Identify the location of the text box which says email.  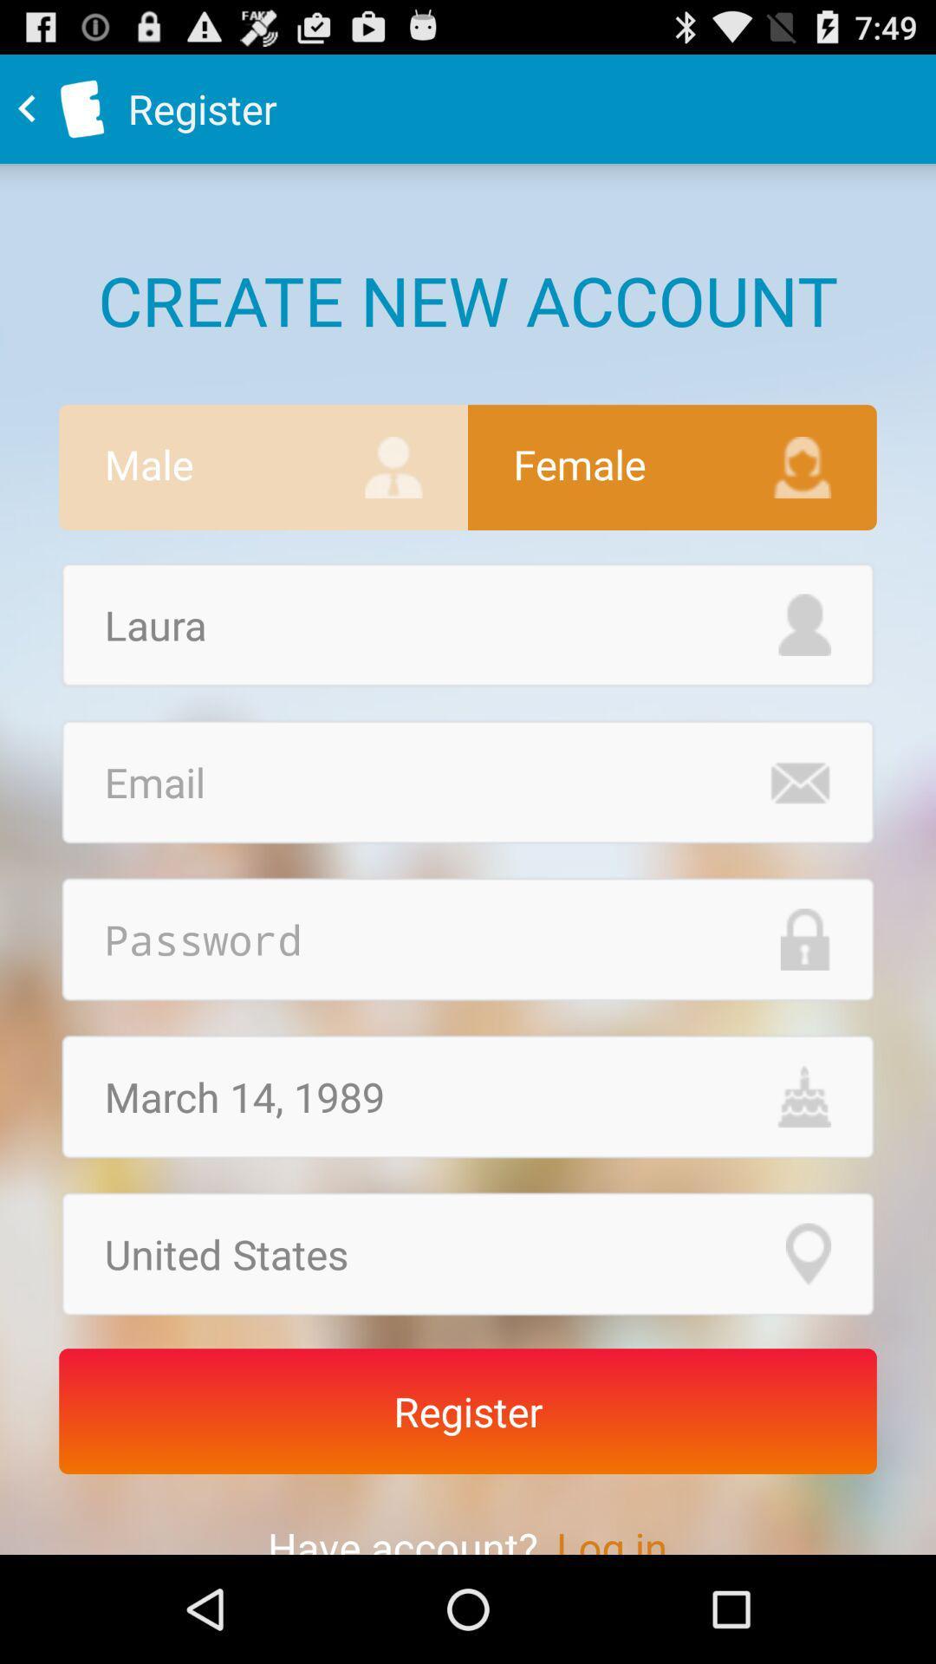
(468, 781).